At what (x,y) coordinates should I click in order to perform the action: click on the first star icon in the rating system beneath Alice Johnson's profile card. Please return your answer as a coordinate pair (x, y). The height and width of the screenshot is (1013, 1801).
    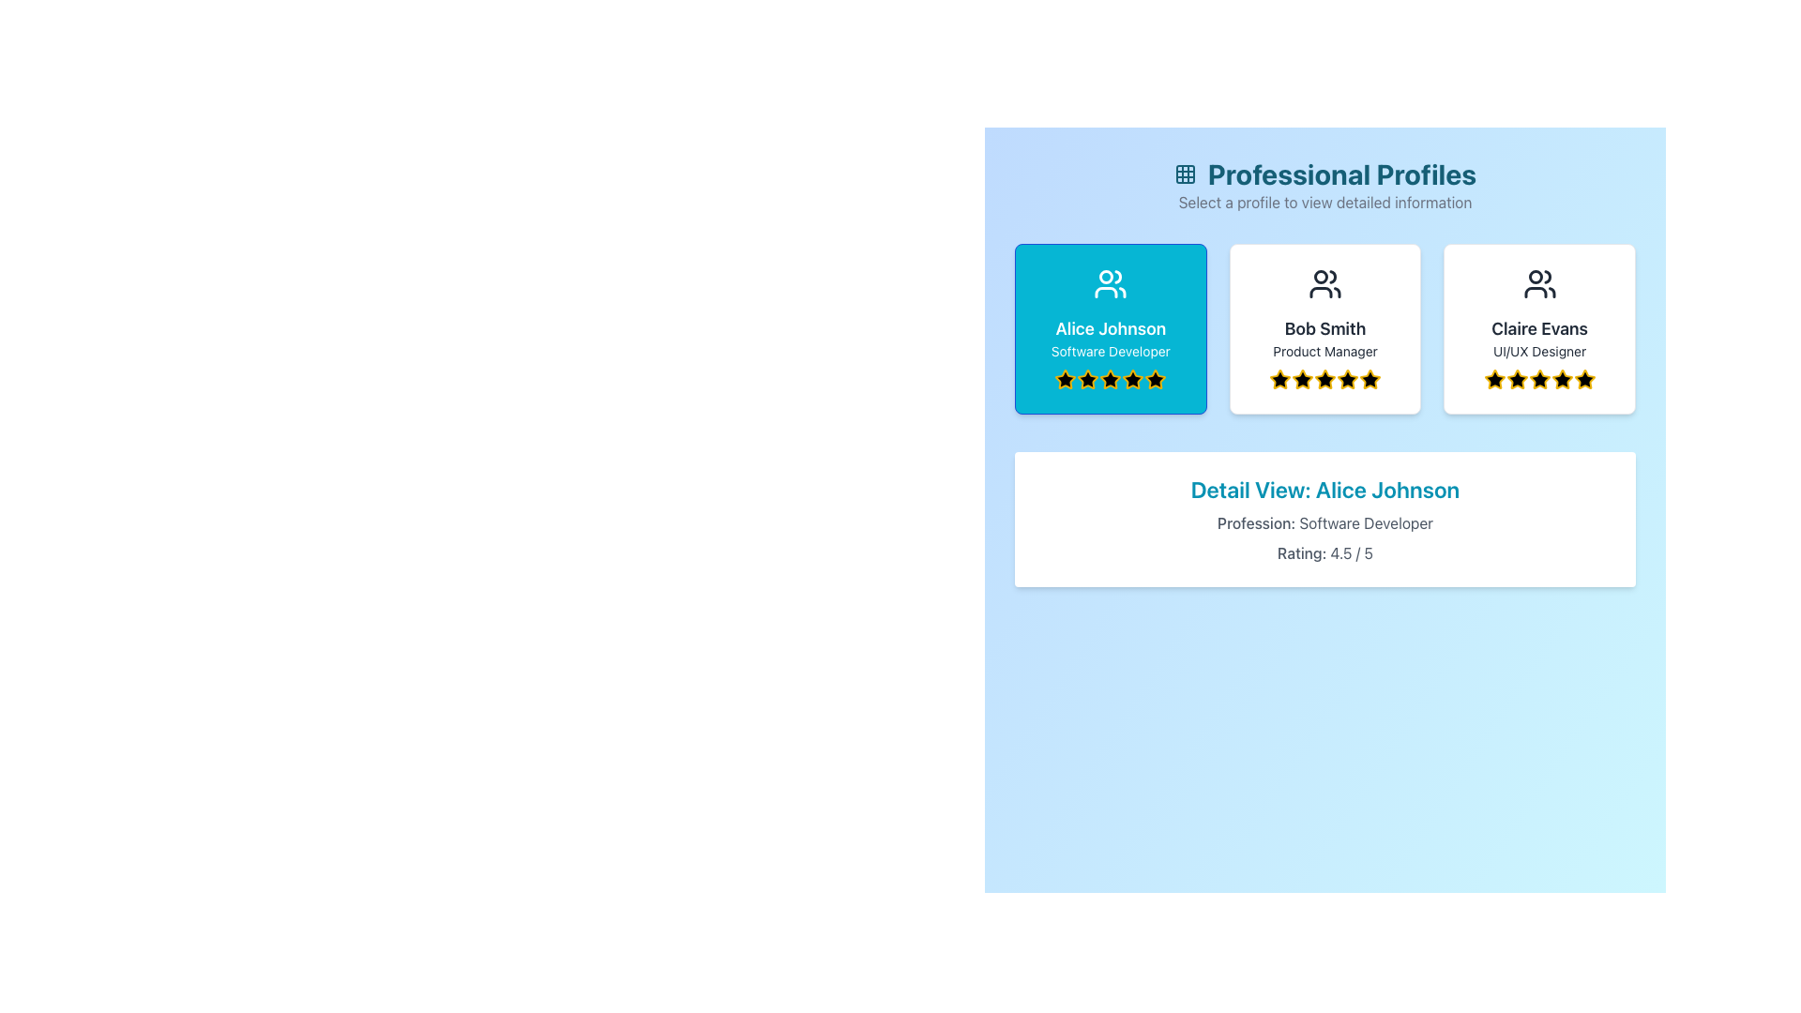
    Looking at the image, I should click on (1066, 380).